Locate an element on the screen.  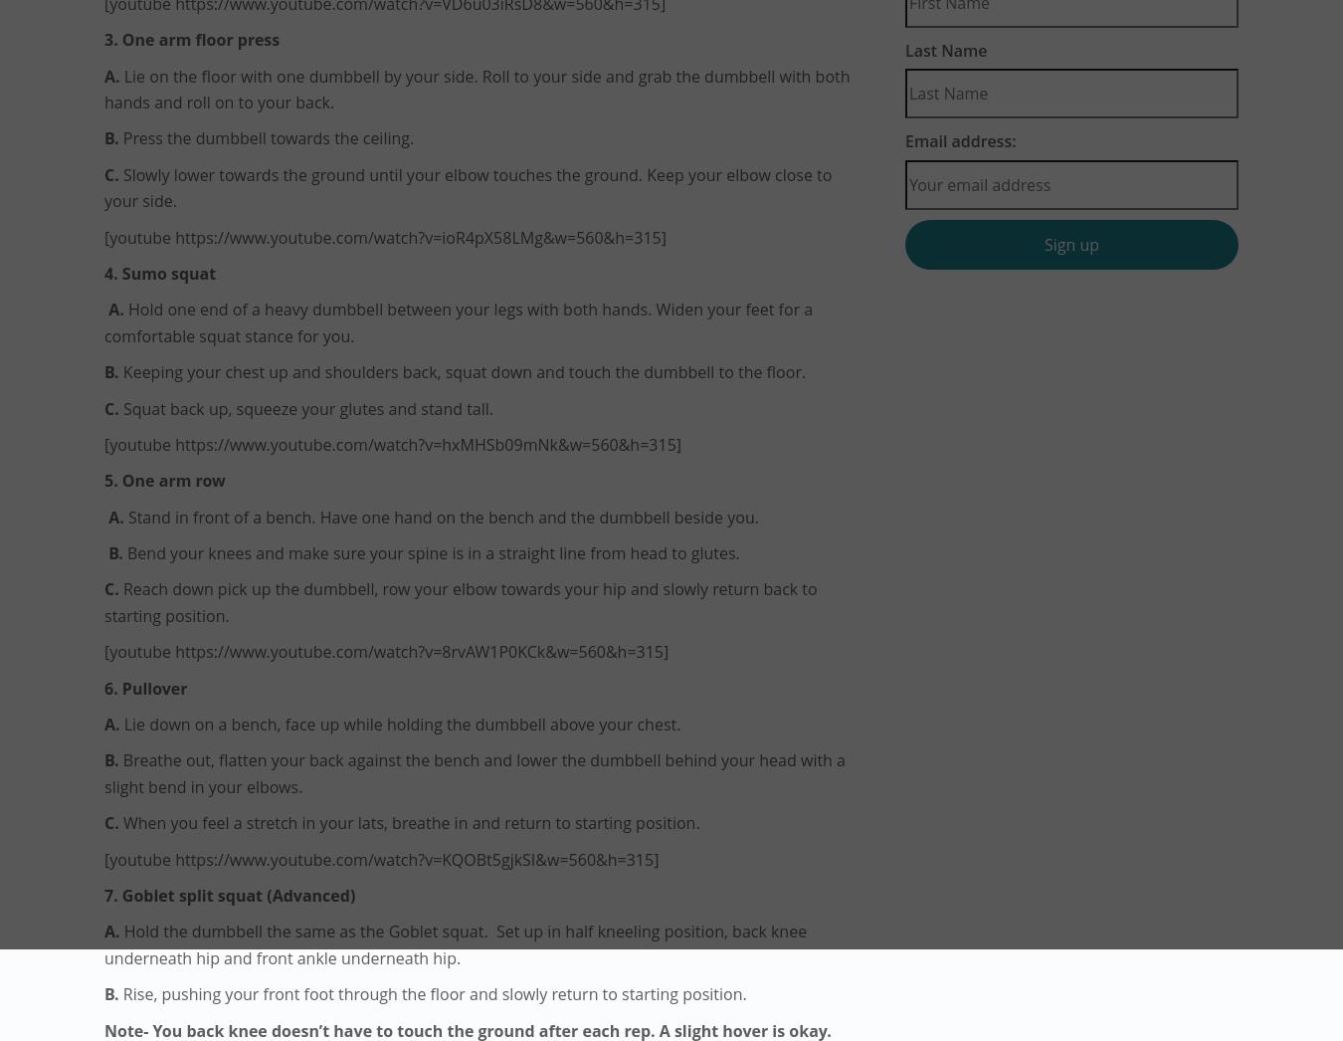
'3. One arm floor press' is located at coordinates (103, 38).